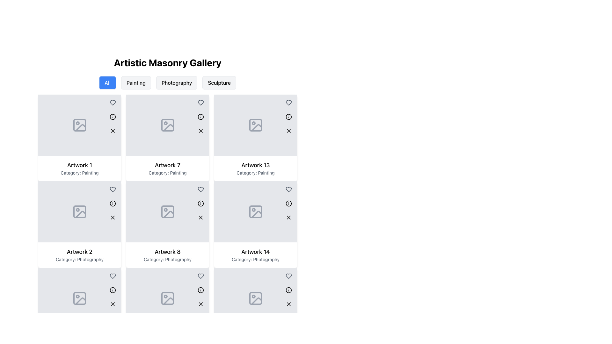 The image size is (612, 344). Describe the element at coordinates (79, 298) in the screenshot. I see `the Icon Placeholder in the Artwork 3 card, which is the topmost section of the card designated for image display in the Sculpture category` at that location.